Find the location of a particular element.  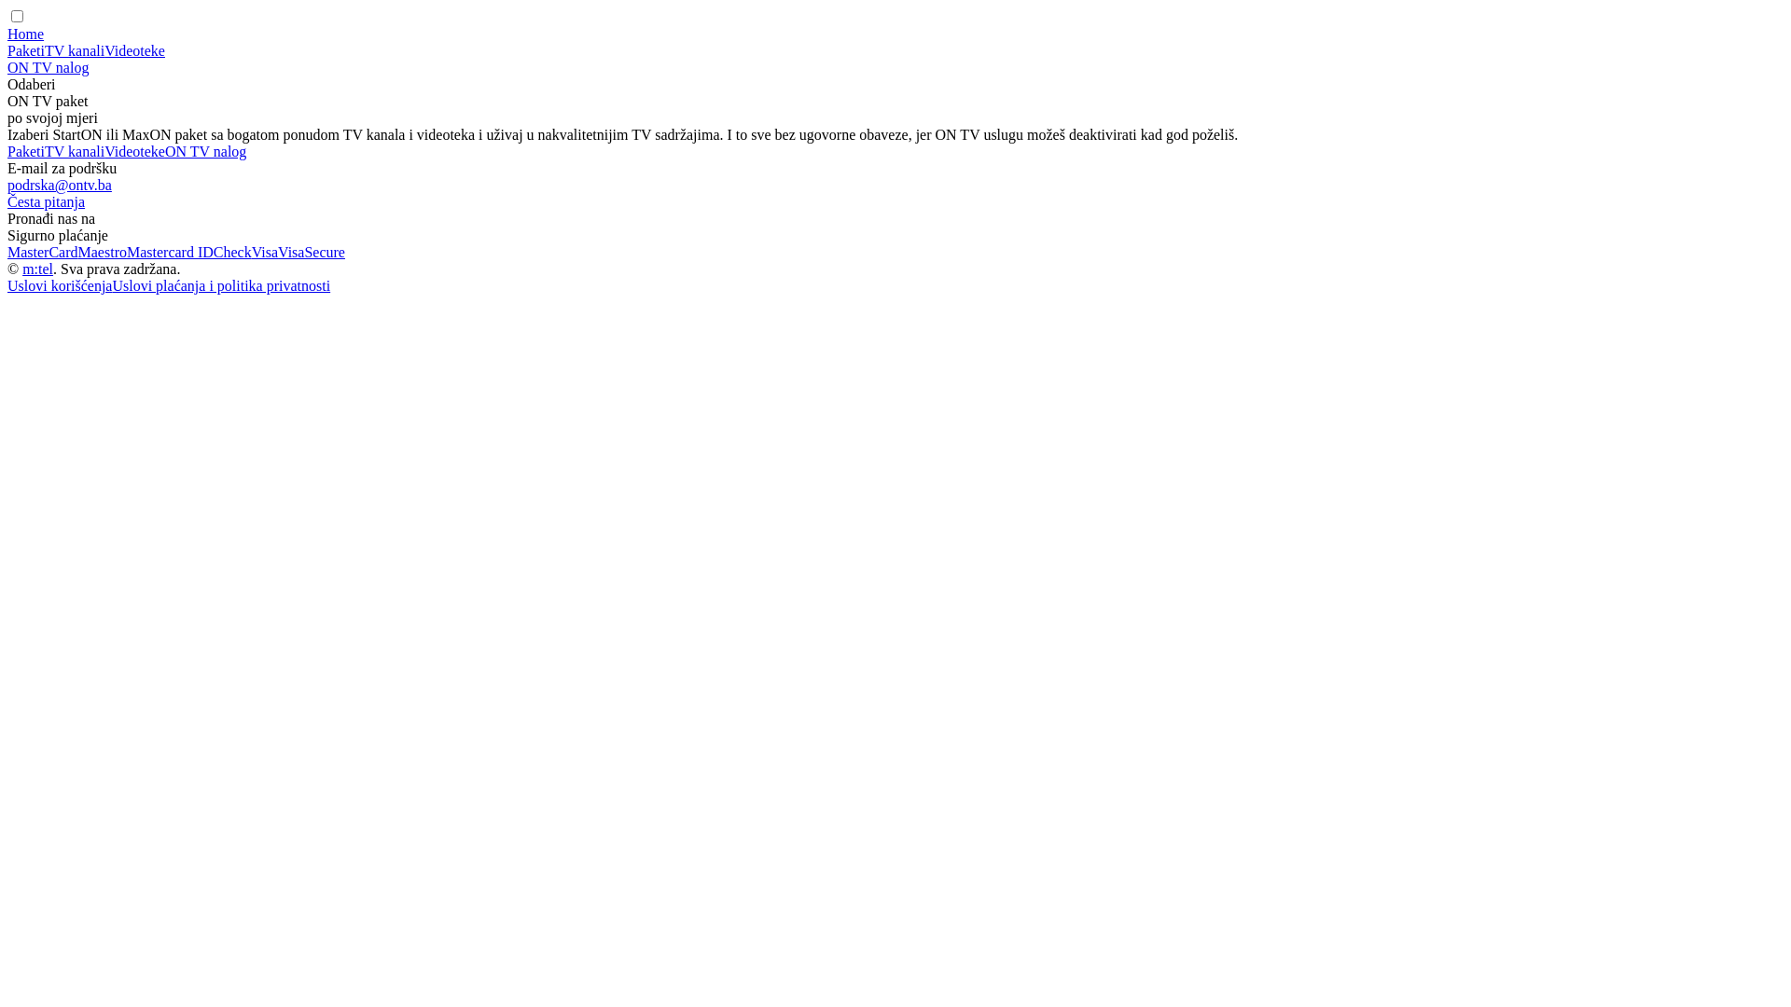

'Maestro' is located at coordinates (102, 252).